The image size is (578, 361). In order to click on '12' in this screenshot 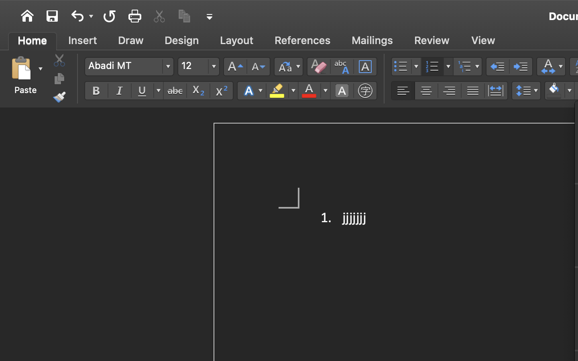, I will do `click(198, 66)`.